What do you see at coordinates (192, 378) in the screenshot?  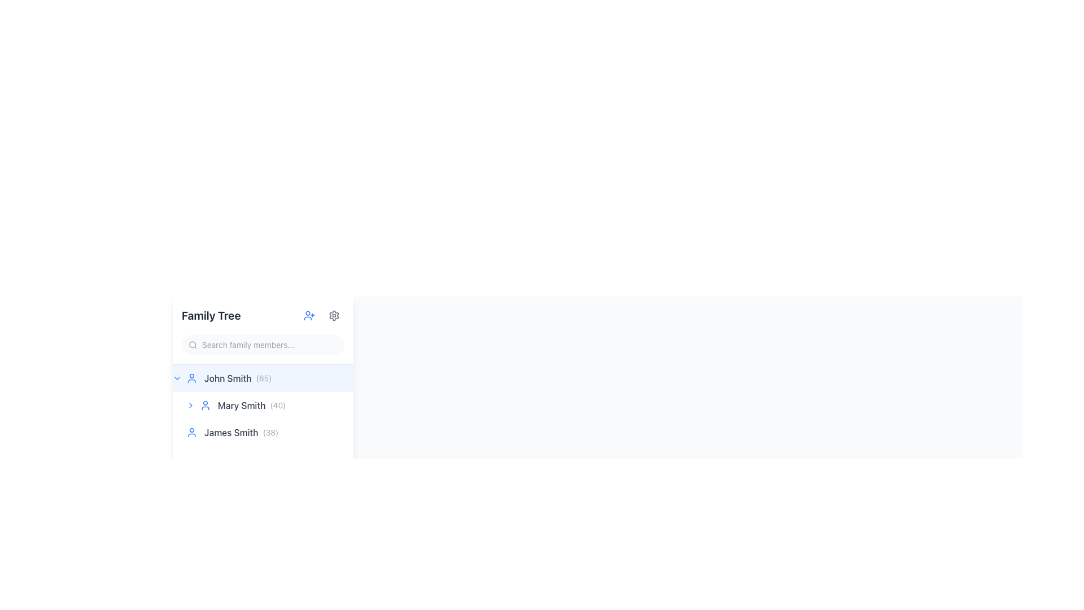 I see `the user profile icon representing 'John Smith' located to the left of the text 'John Smith (65)' in the first row of the 'Family Tree' section` at bounding box center [192, 378].